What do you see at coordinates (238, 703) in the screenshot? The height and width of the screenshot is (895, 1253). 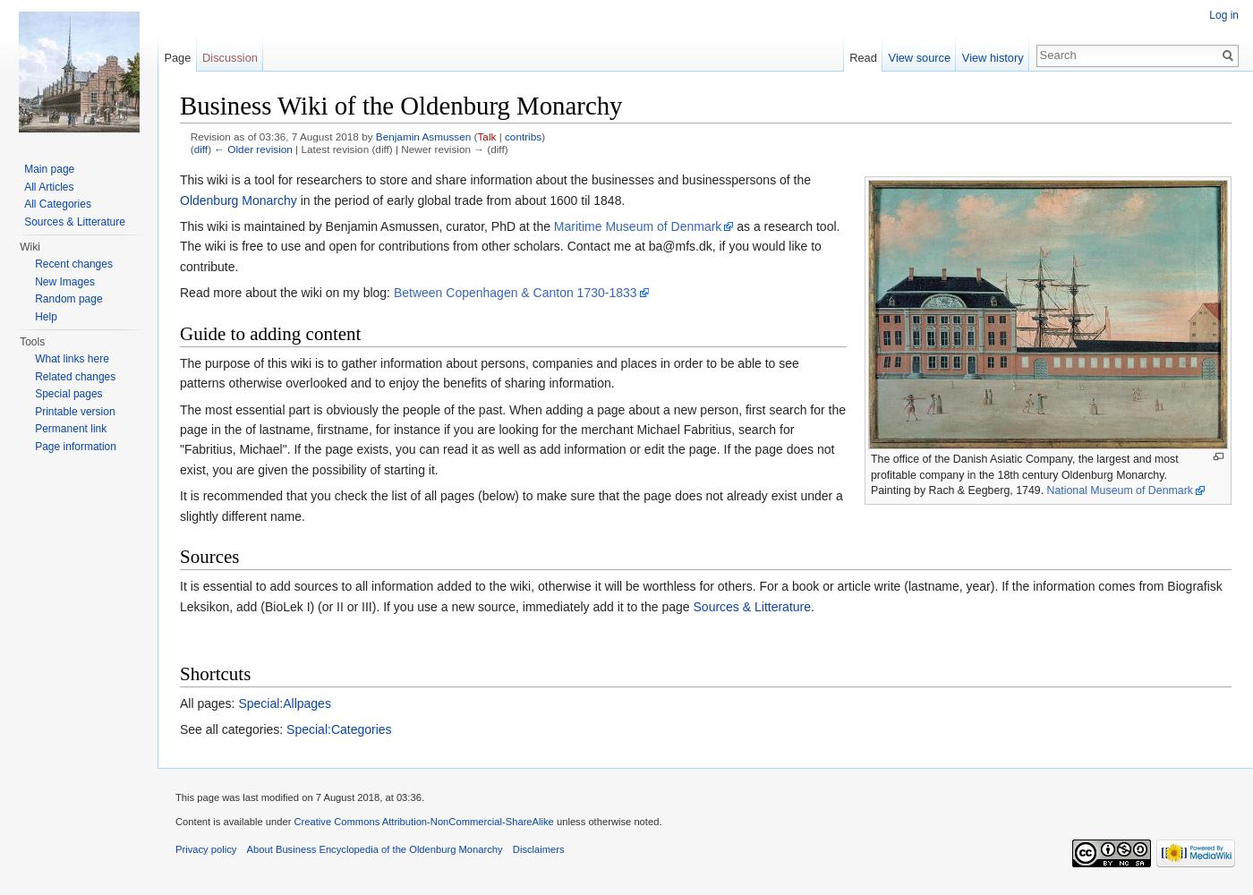 I see `'Special:Allpages'` at bounding box center [238, 703].